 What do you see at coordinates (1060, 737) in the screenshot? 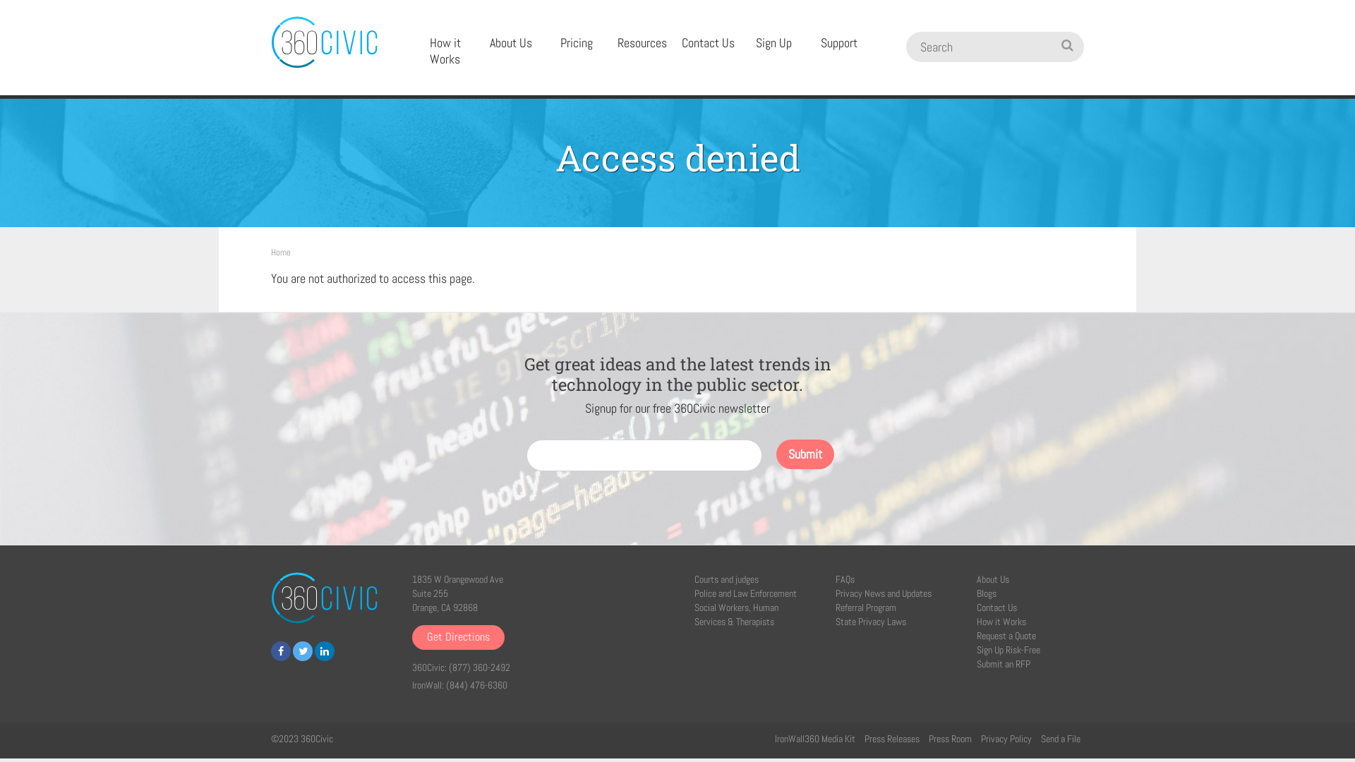
I see `'Send a File'` at bounding box center [1060, 737].